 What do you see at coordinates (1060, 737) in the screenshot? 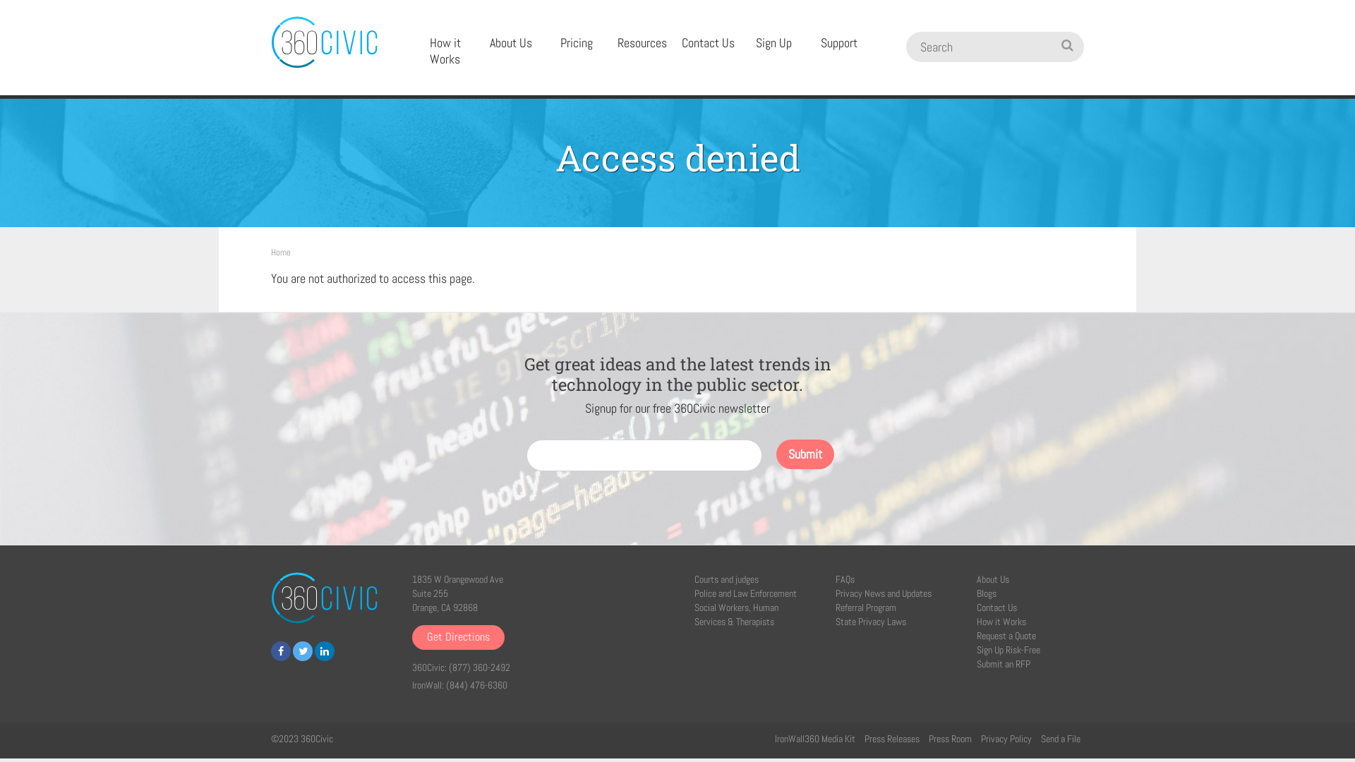
I see `'Send a File'` at bounding box center [1060, 737].